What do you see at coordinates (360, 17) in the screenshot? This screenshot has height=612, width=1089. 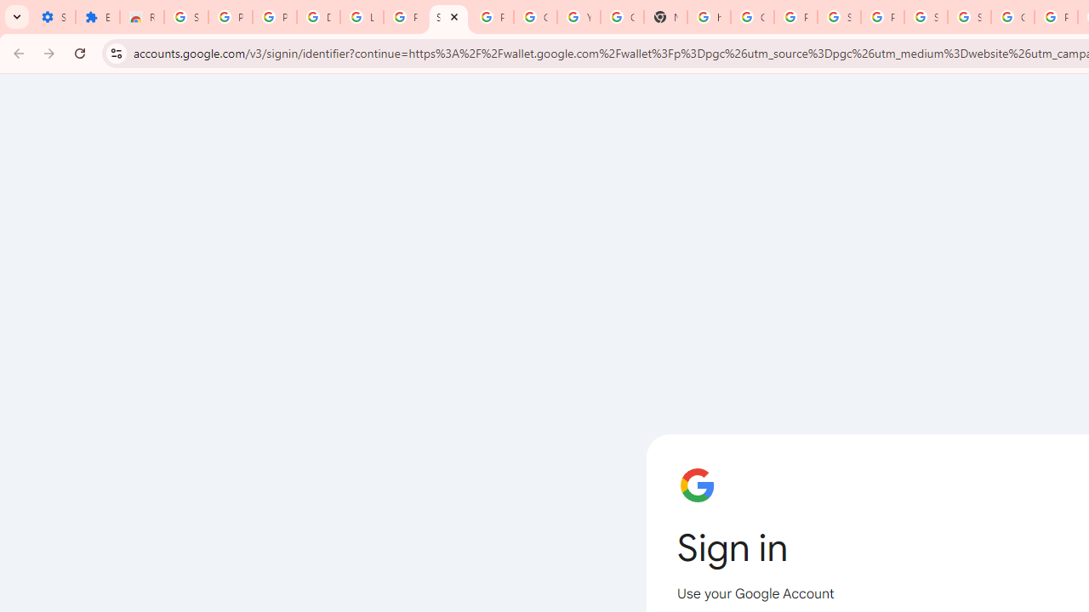 I see `'Learn how to find your photos - Google Photos Help'` at bounding box center [360, 17].